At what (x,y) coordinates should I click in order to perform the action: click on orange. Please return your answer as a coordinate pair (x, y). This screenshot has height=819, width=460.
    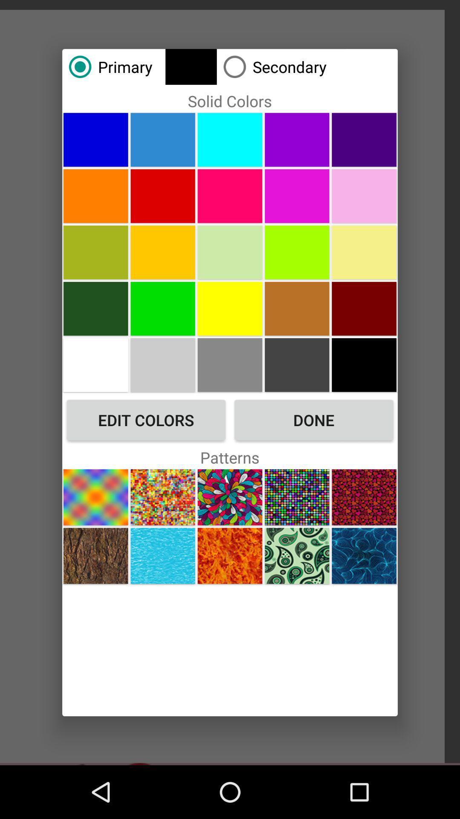
    Looking at the image, I should click on (95, 195).